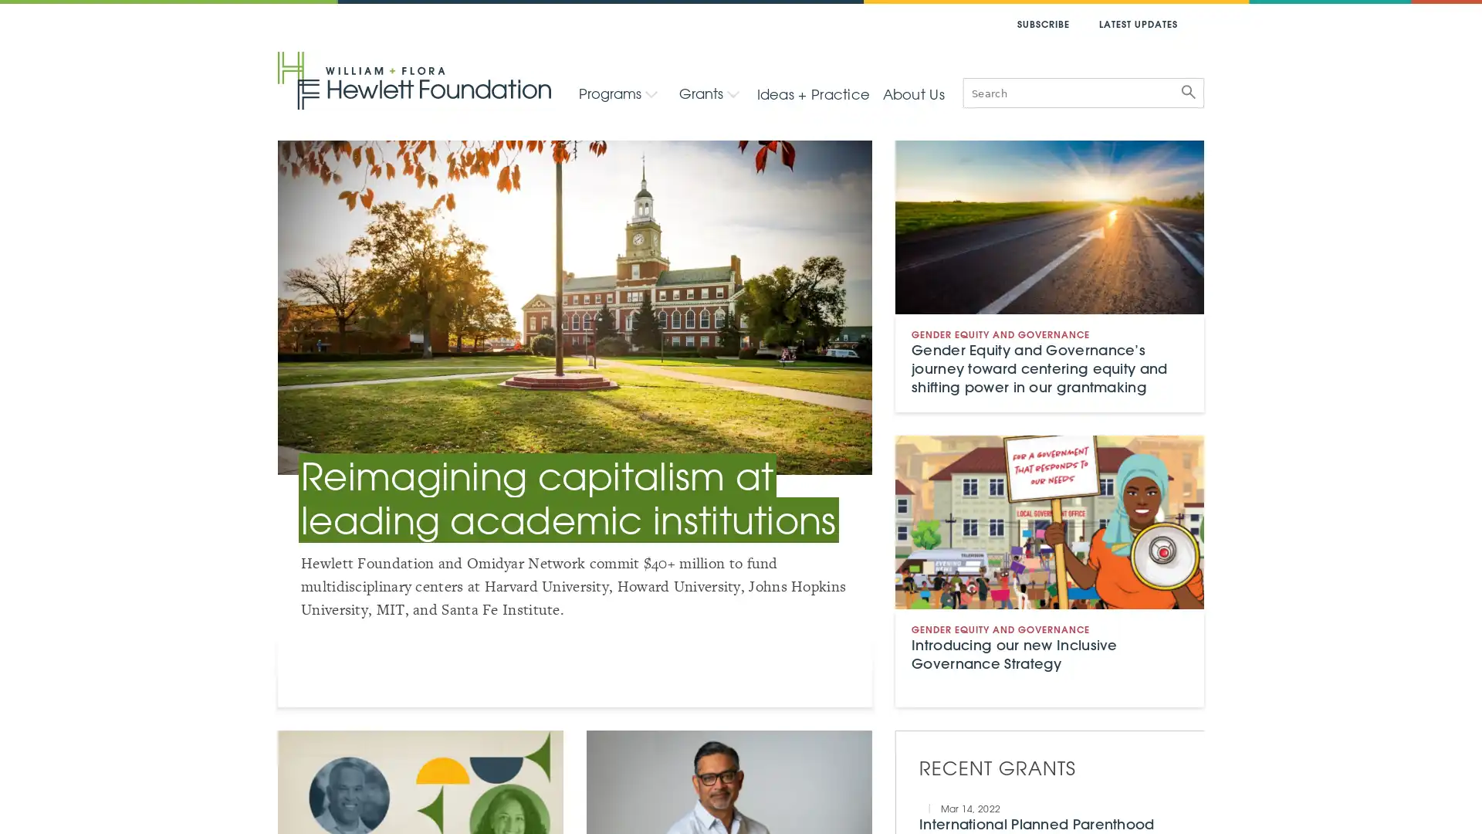 Image resolution: width=1482 pixels, height=834 pixels. Describe the element at coordinates (618, 93) in the screenshot. I see `Programs` at that location.